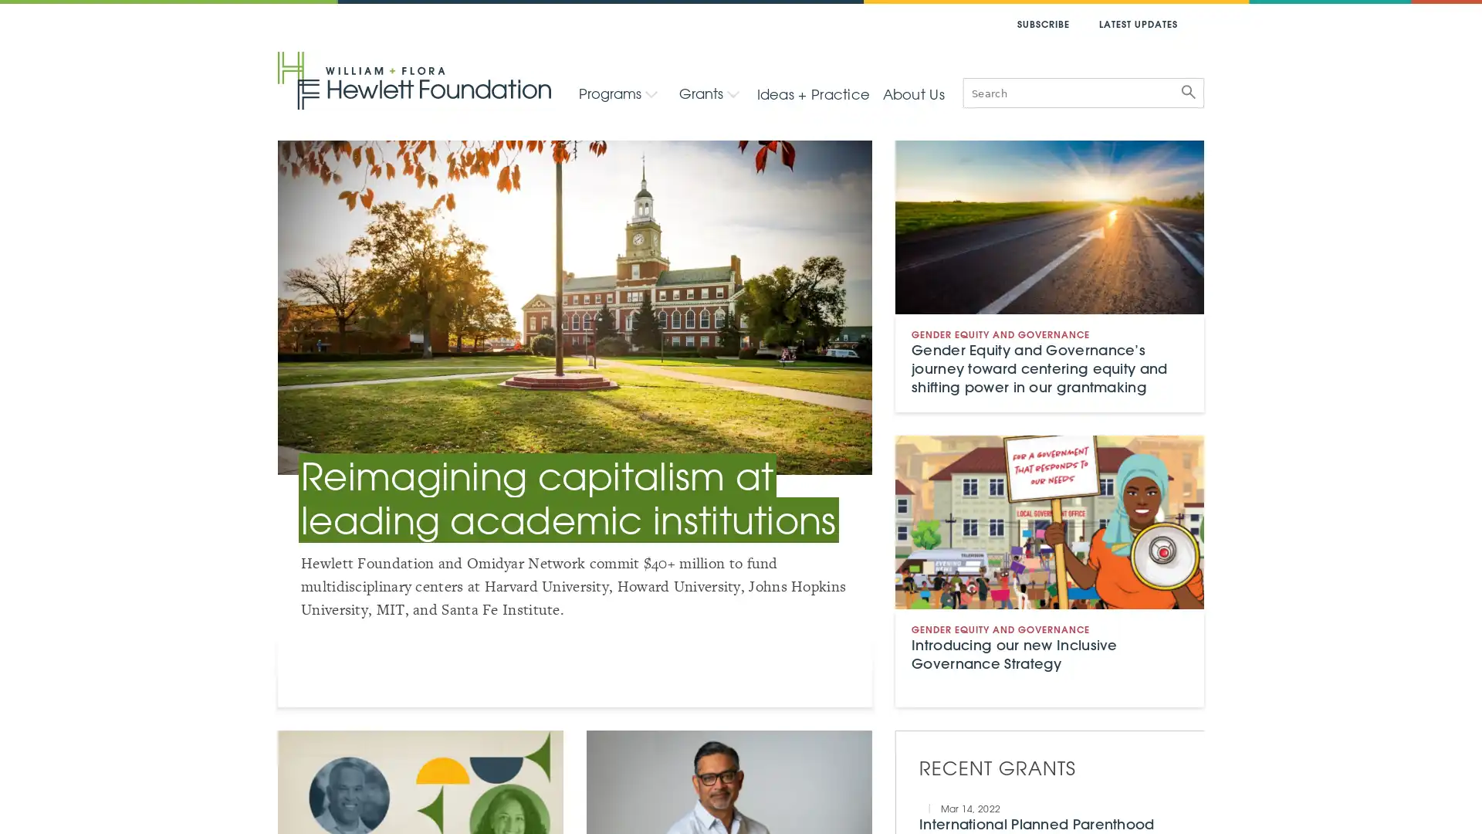 Image resolution: width=1482 pixels, height=834 pixels. Describe the element at coordinates (618, 93) in the screenshot. I see `Programs` at that location.